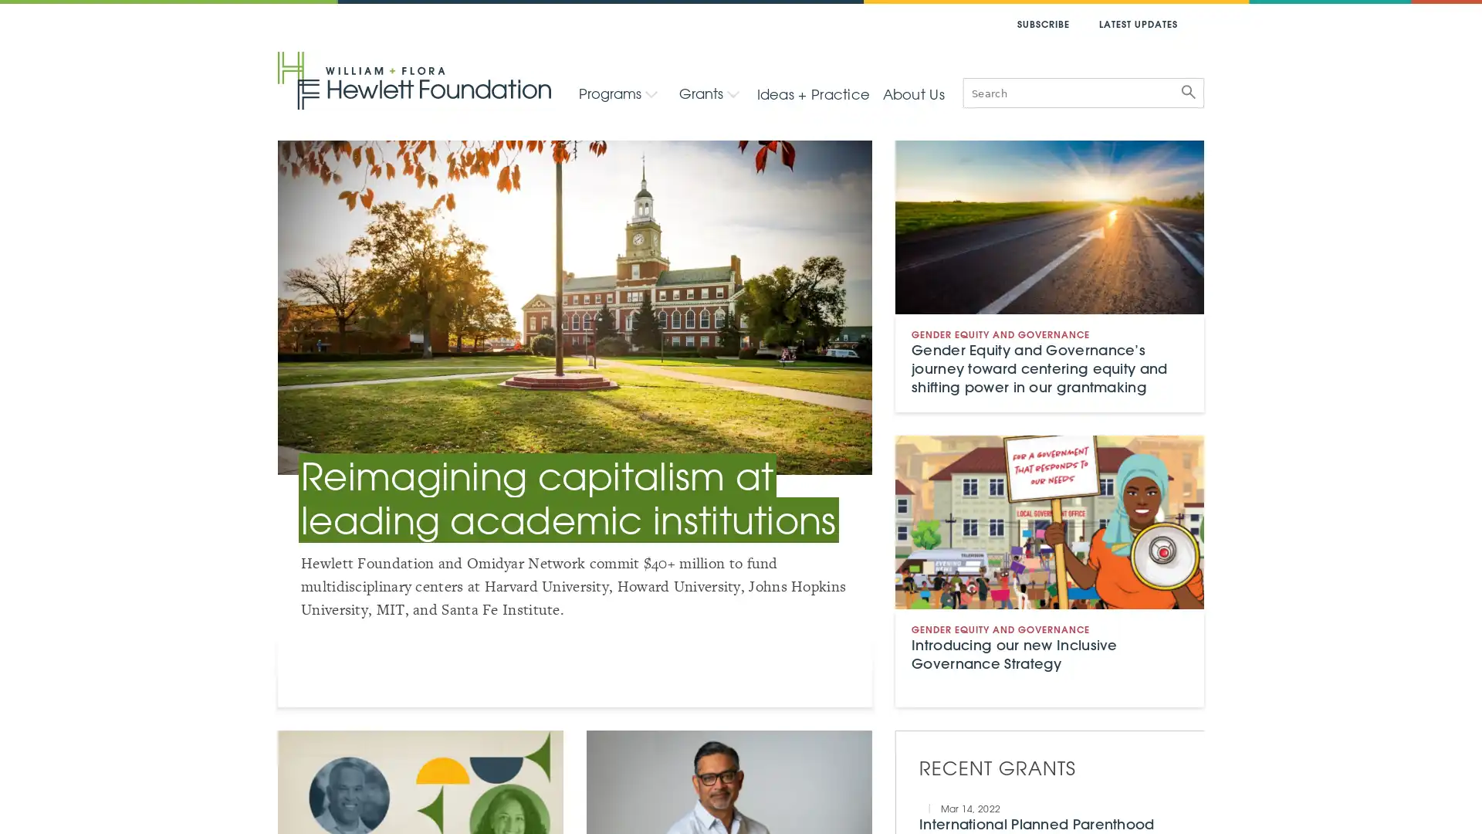 Image resolution: width=1482 pixels, height=834 pixels. Describe the element at coordinates (618, 93) in the screenshot. I see `Programs` at that location.